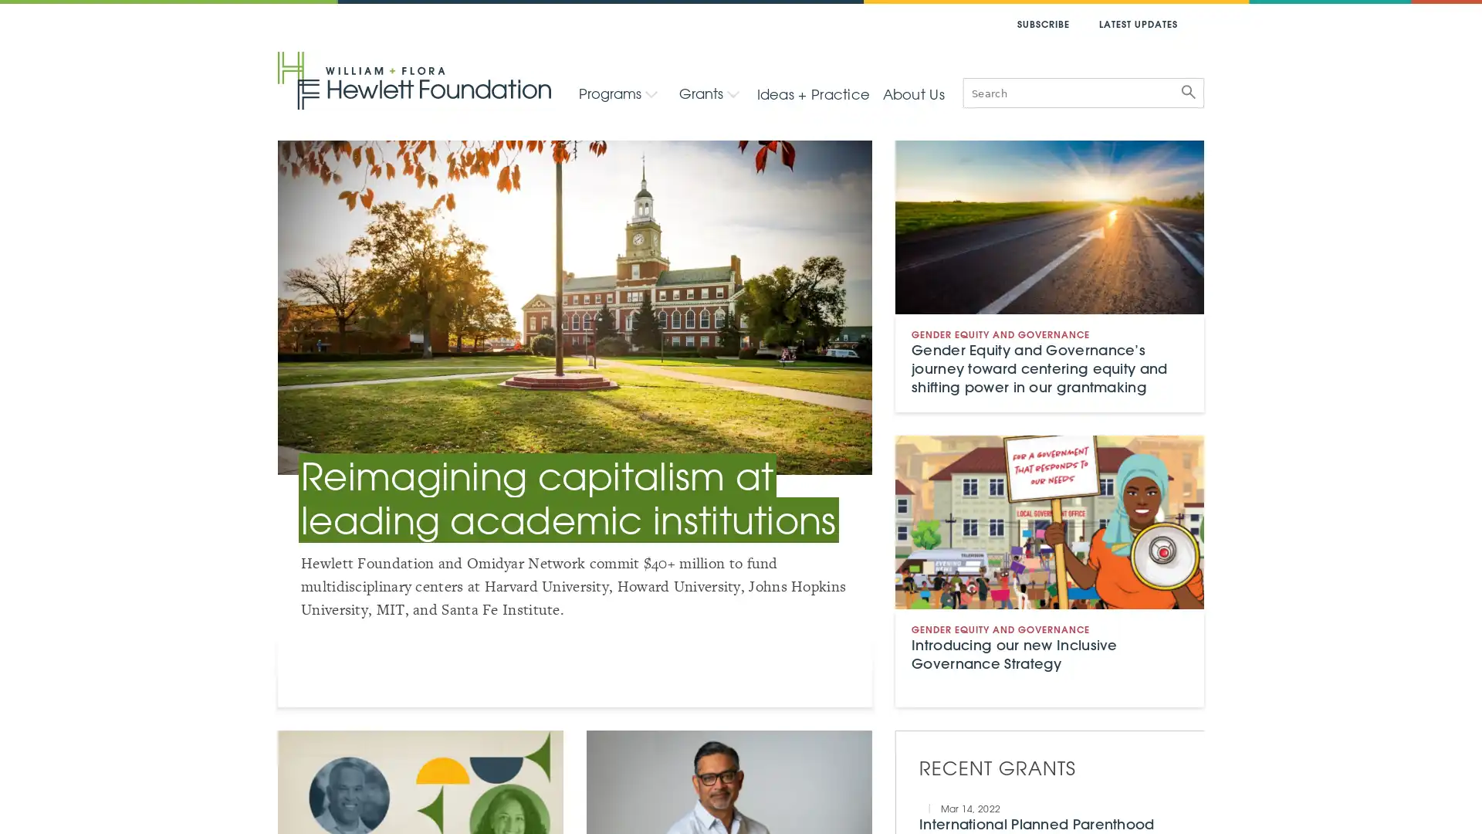 Image resolution: width=1482 pixels, height=834 pixels. Describe the element at coordinates (618, 93) in the screenshot. I see `Programs` at that location.